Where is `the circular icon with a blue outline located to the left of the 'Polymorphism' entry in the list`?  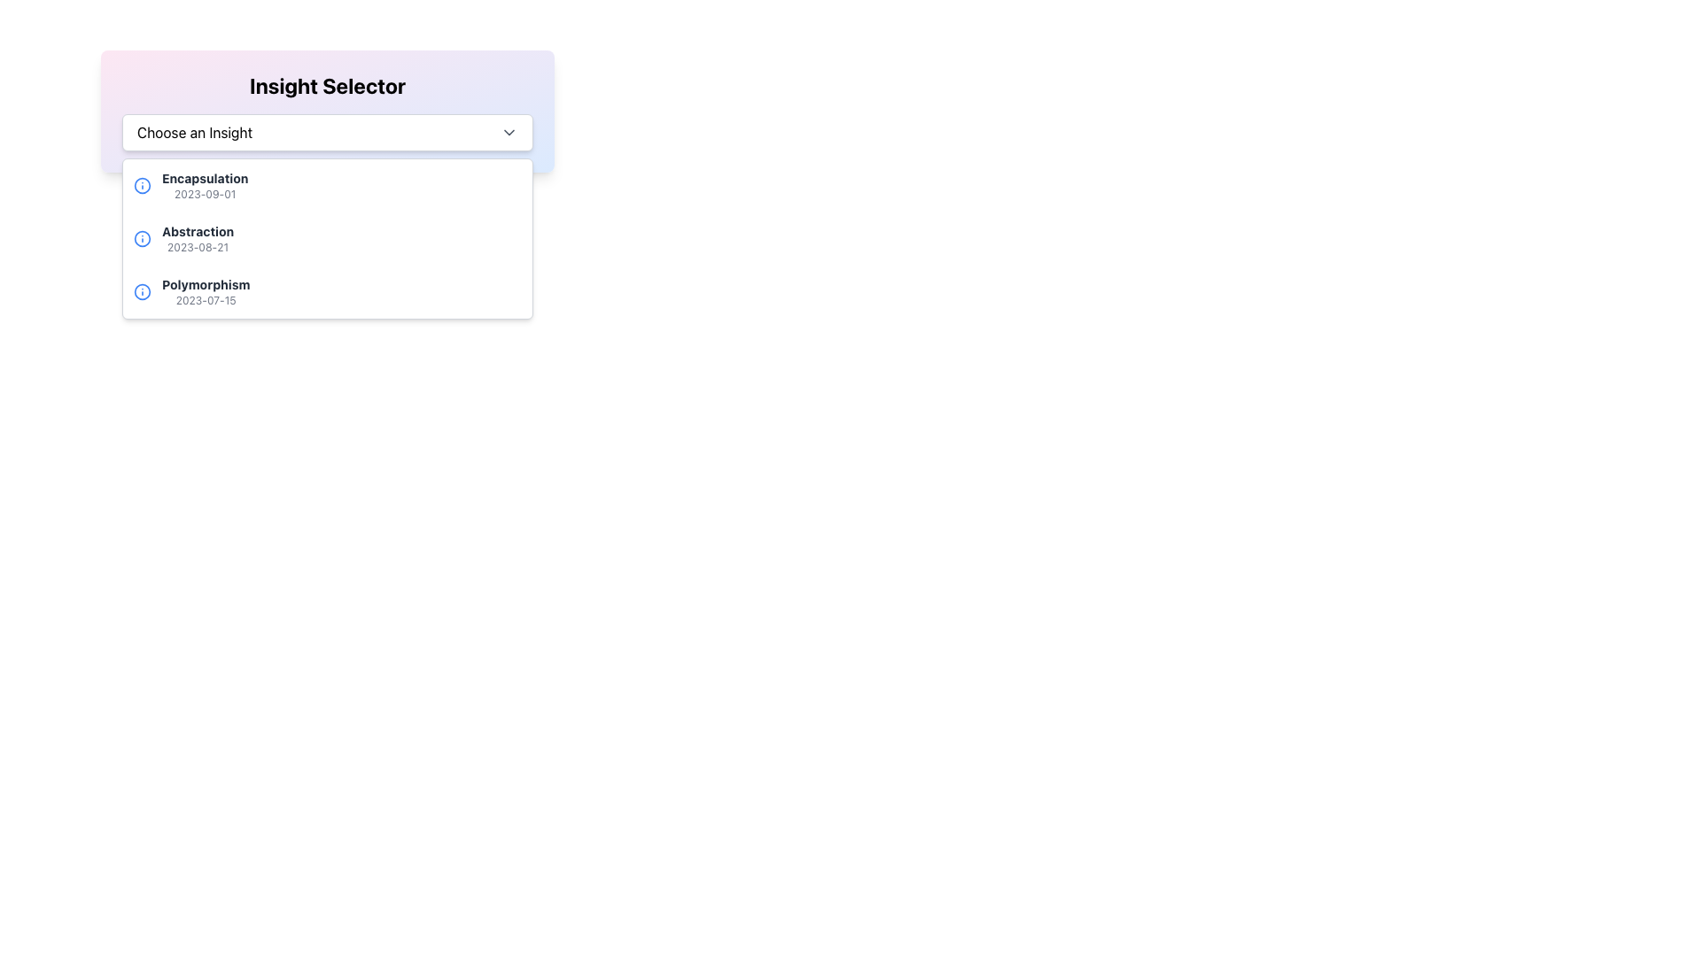
the circular icon with a blue outline located to the left of the 'Polymorphism' entry in the list is located at coordinates (143, 291).